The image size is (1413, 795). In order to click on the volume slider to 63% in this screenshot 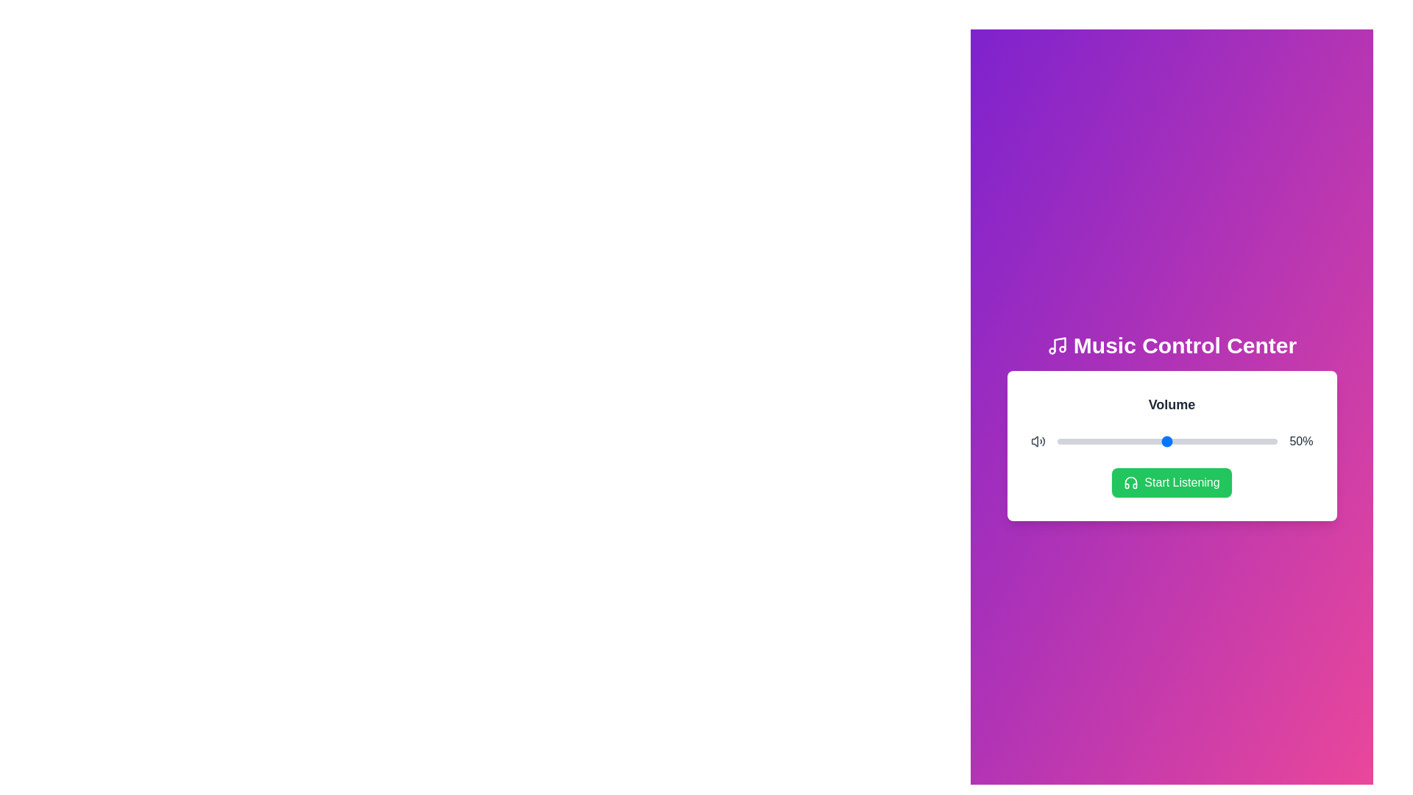, I will do `click(1196, 441)`.